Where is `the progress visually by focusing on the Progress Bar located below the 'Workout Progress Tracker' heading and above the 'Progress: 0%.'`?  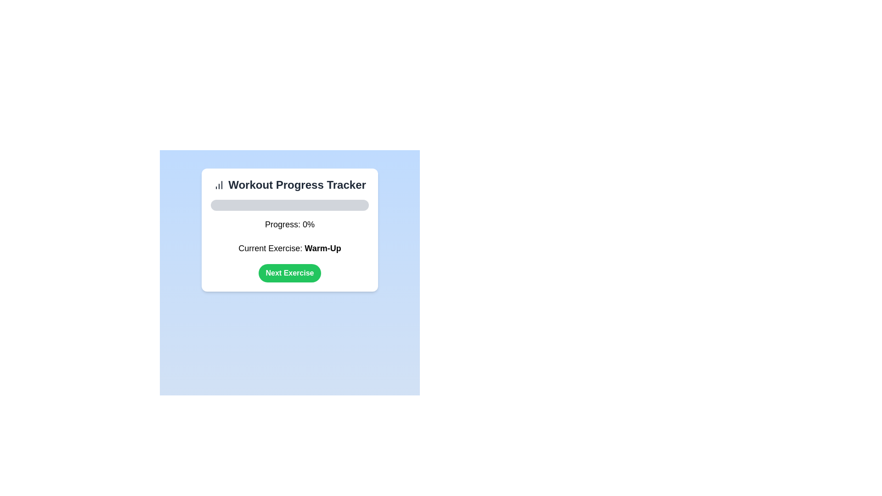
the progress visually by focusing on the Progress Bar located below the 'Workout Progress Tracker' heading and above the 'Progress: 0%.' is located at coordinates (289, 205).